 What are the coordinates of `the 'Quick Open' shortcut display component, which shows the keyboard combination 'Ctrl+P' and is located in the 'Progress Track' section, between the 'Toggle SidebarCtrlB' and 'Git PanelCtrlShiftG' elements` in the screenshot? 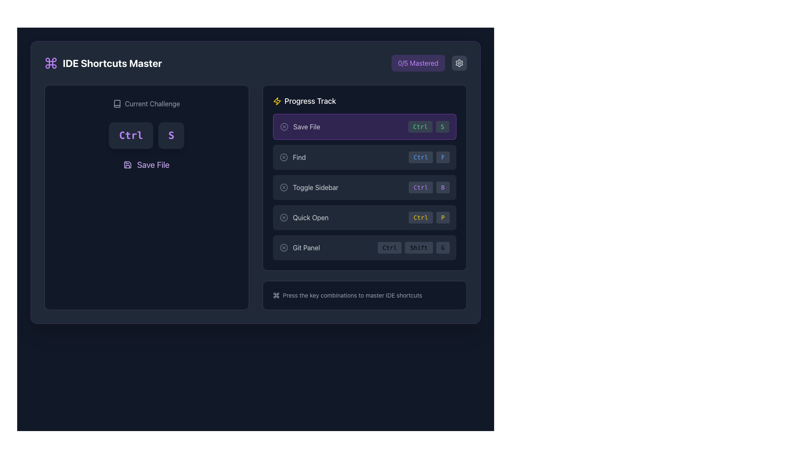 It's located at (364, 217).